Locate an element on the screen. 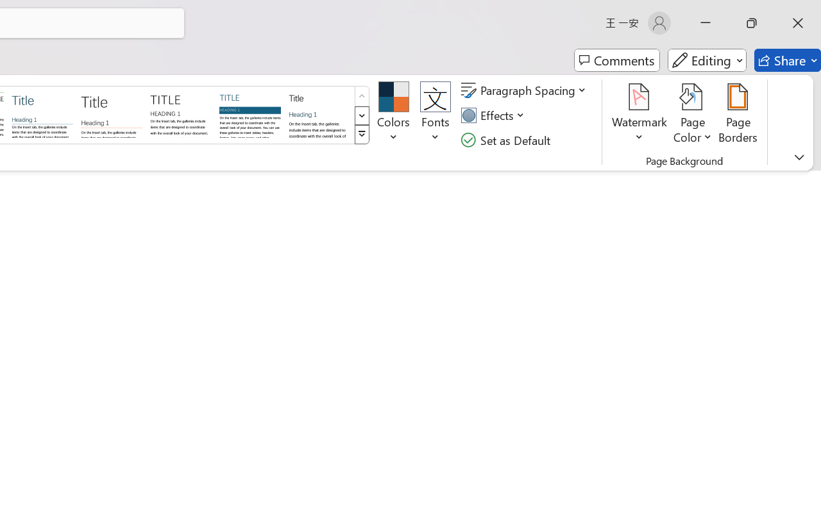  'Row up' is located at coordinates (361, 96).